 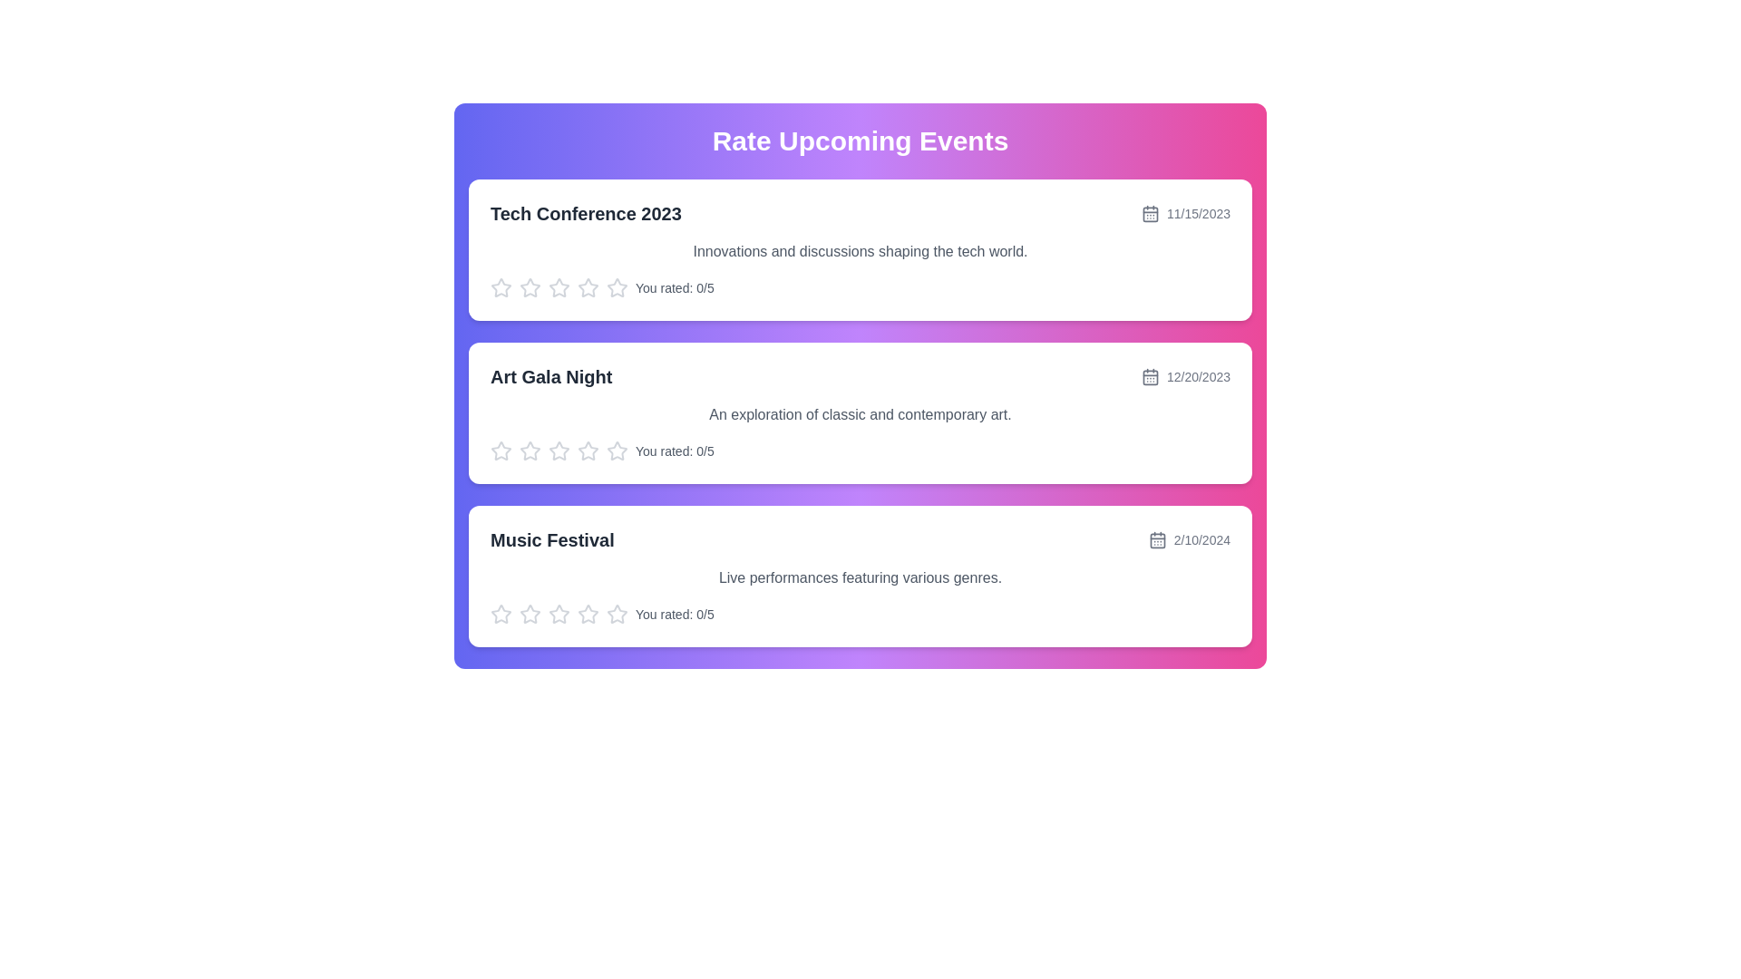 What do you see at coordinates (559, 613) in the screenshot?
I see `the first star-shaped interactive icon representing a 1-star rating for the 'Music Festival' event` at bounding box center [559, 613].